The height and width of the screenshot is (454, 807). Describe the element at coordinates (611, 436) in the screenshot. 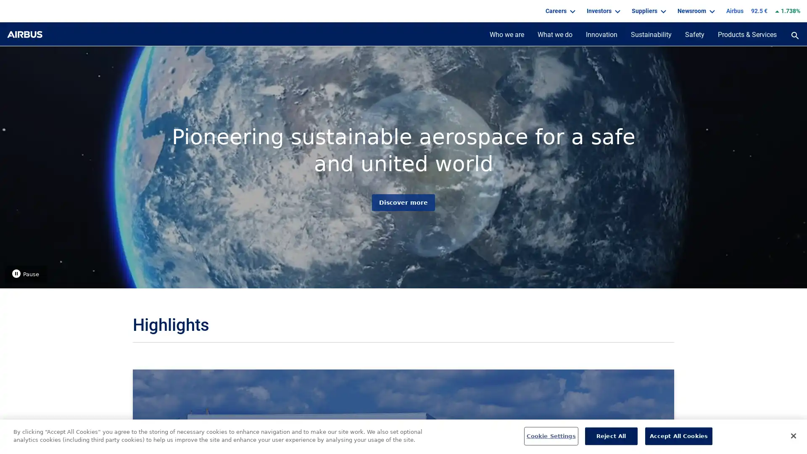

I see `Reject All` at that location.